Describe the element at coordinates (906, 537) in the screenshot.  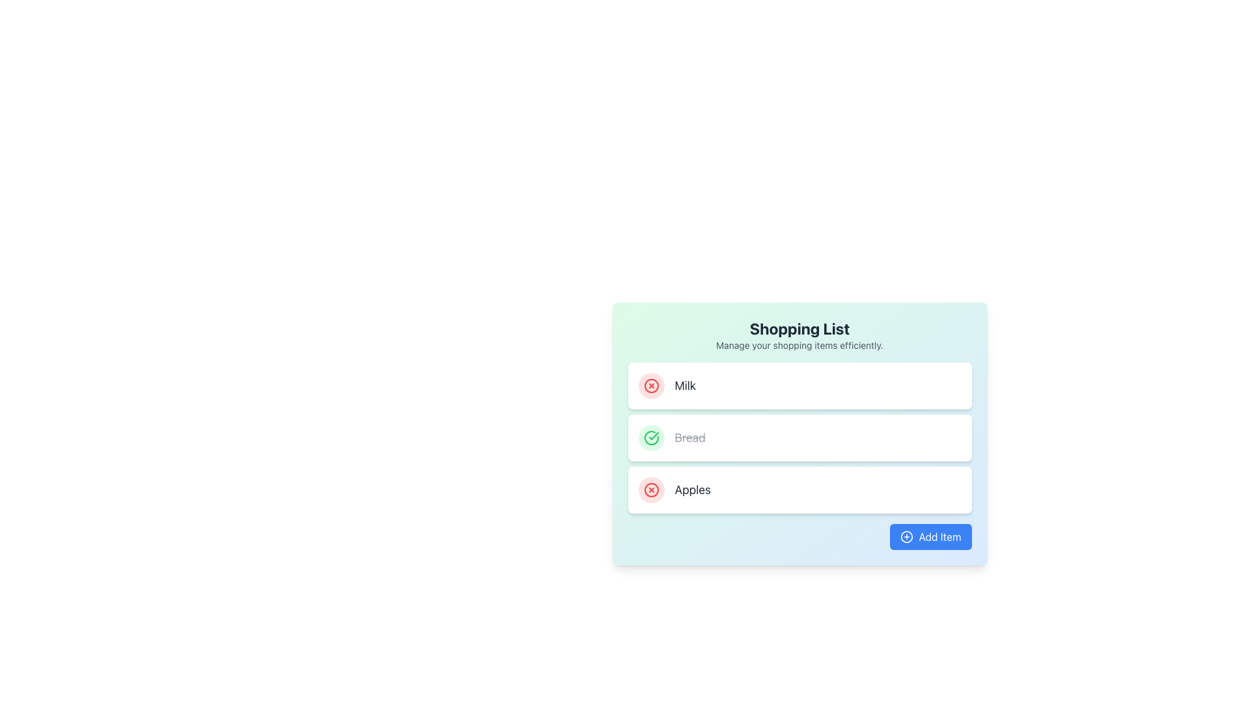
I see `the circular icon with a plus sign (+) in the center, which has a vivid blue outline and is located to the left of the 'Add Item' text inside a blue button` at that location.